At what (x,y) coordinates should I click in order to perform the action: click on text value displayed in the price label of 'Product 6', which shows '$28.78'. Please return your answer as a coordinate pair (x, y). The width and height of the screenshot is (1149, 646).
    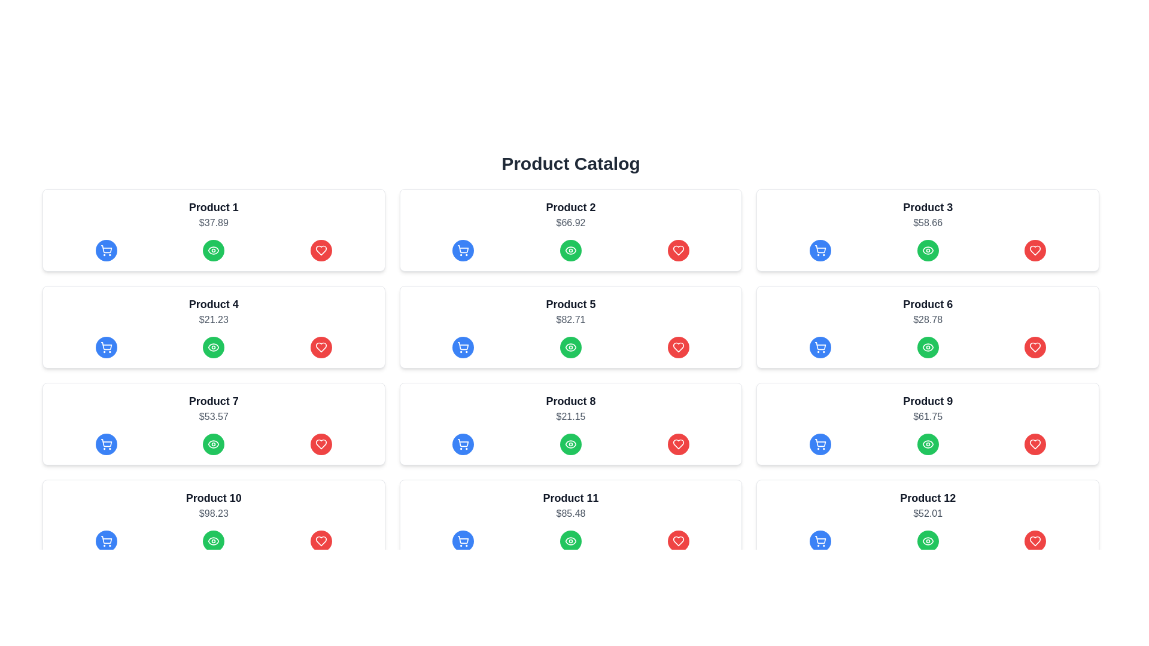
    Looking at the image, I should click on (927, 319).